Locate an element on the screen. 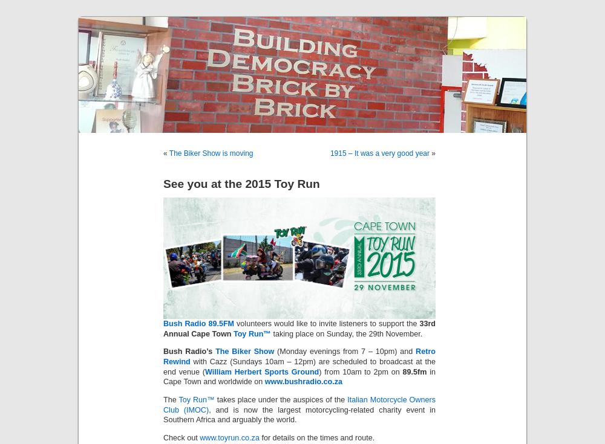 The image size is (605, 444). 'The' is located at coordinates (171, 398).